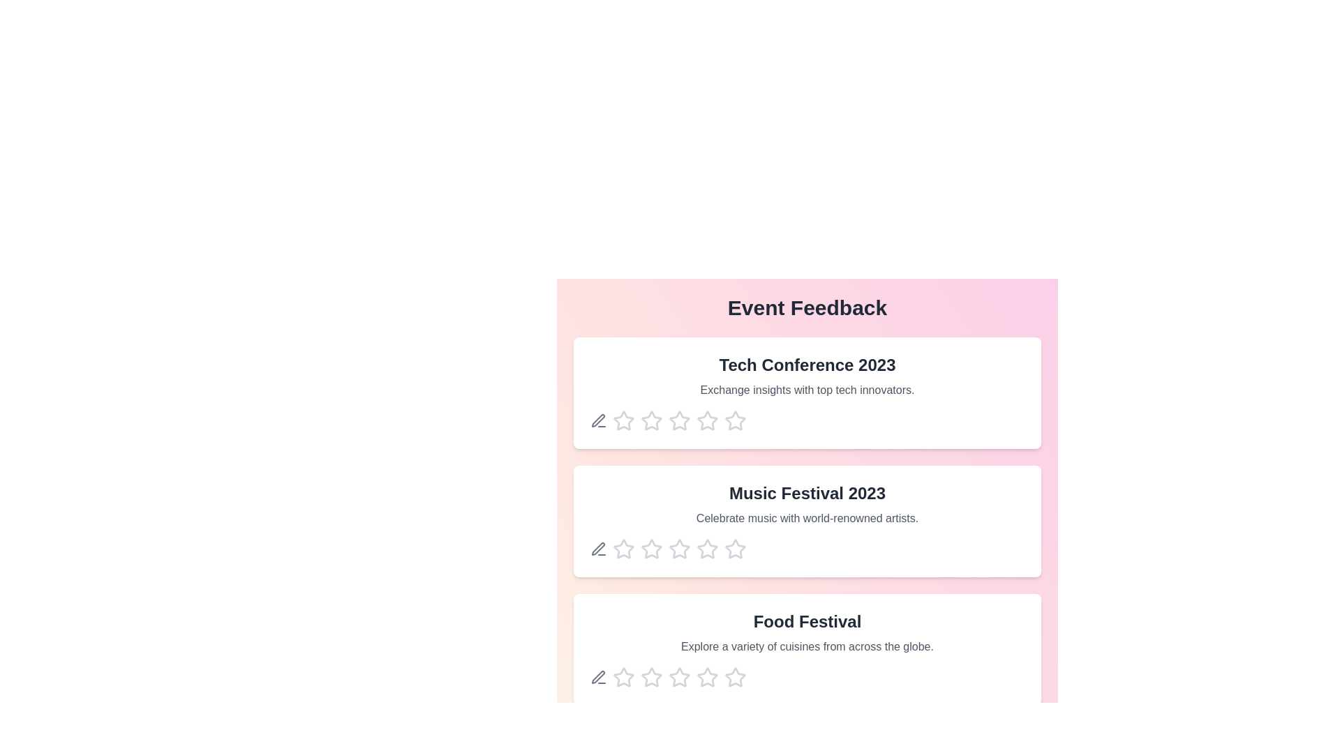 This screenshot has height=753, width=1340. Describe the element at coordinates (707, 420) in the screenshot. I see `the star corresponding to the rating 4` at that location.